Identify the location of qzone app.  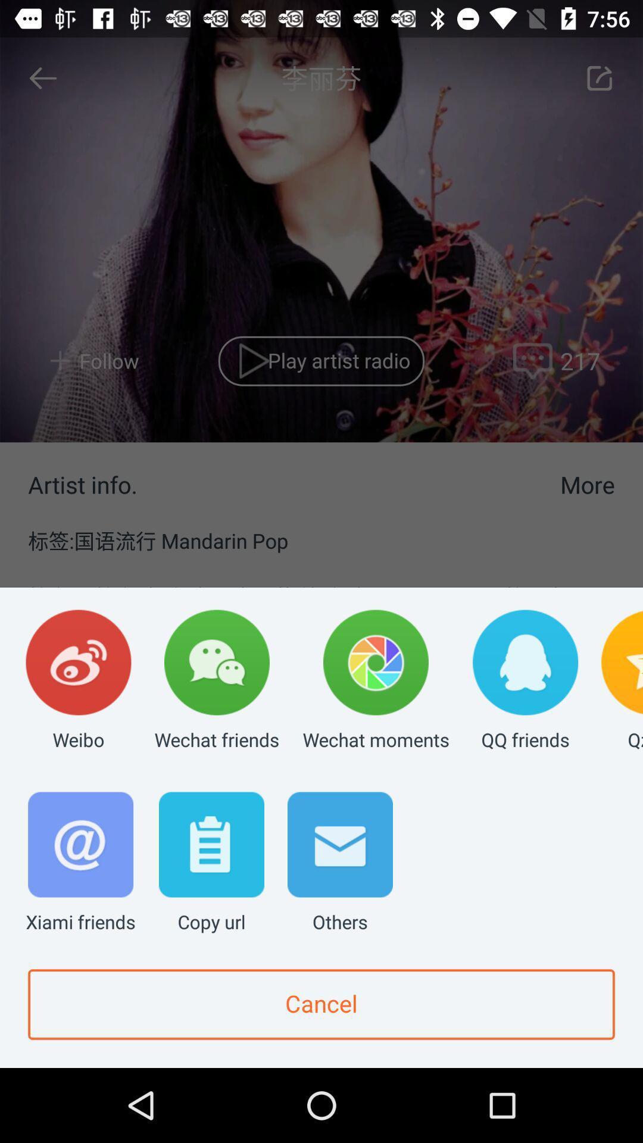
(622, 681).